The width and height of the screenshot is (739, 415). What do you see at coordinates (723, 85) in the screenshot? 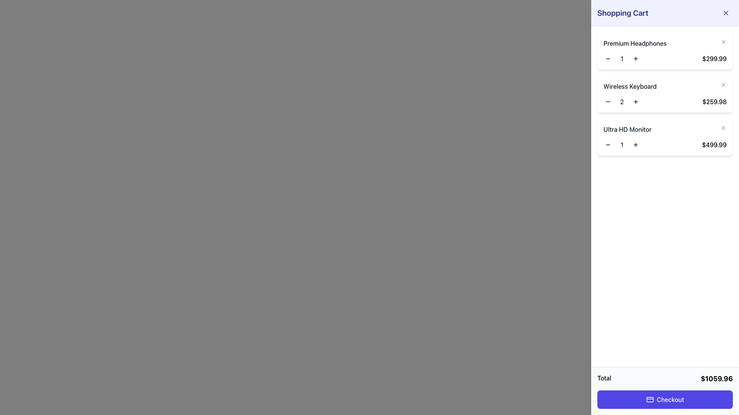
I see `the second interactive cross icon styled as a delete button located to the right of the 'Wireless Keyboard' item description in the shopping cart interface to change its color from gray to red` at bounding box center [723, 85].